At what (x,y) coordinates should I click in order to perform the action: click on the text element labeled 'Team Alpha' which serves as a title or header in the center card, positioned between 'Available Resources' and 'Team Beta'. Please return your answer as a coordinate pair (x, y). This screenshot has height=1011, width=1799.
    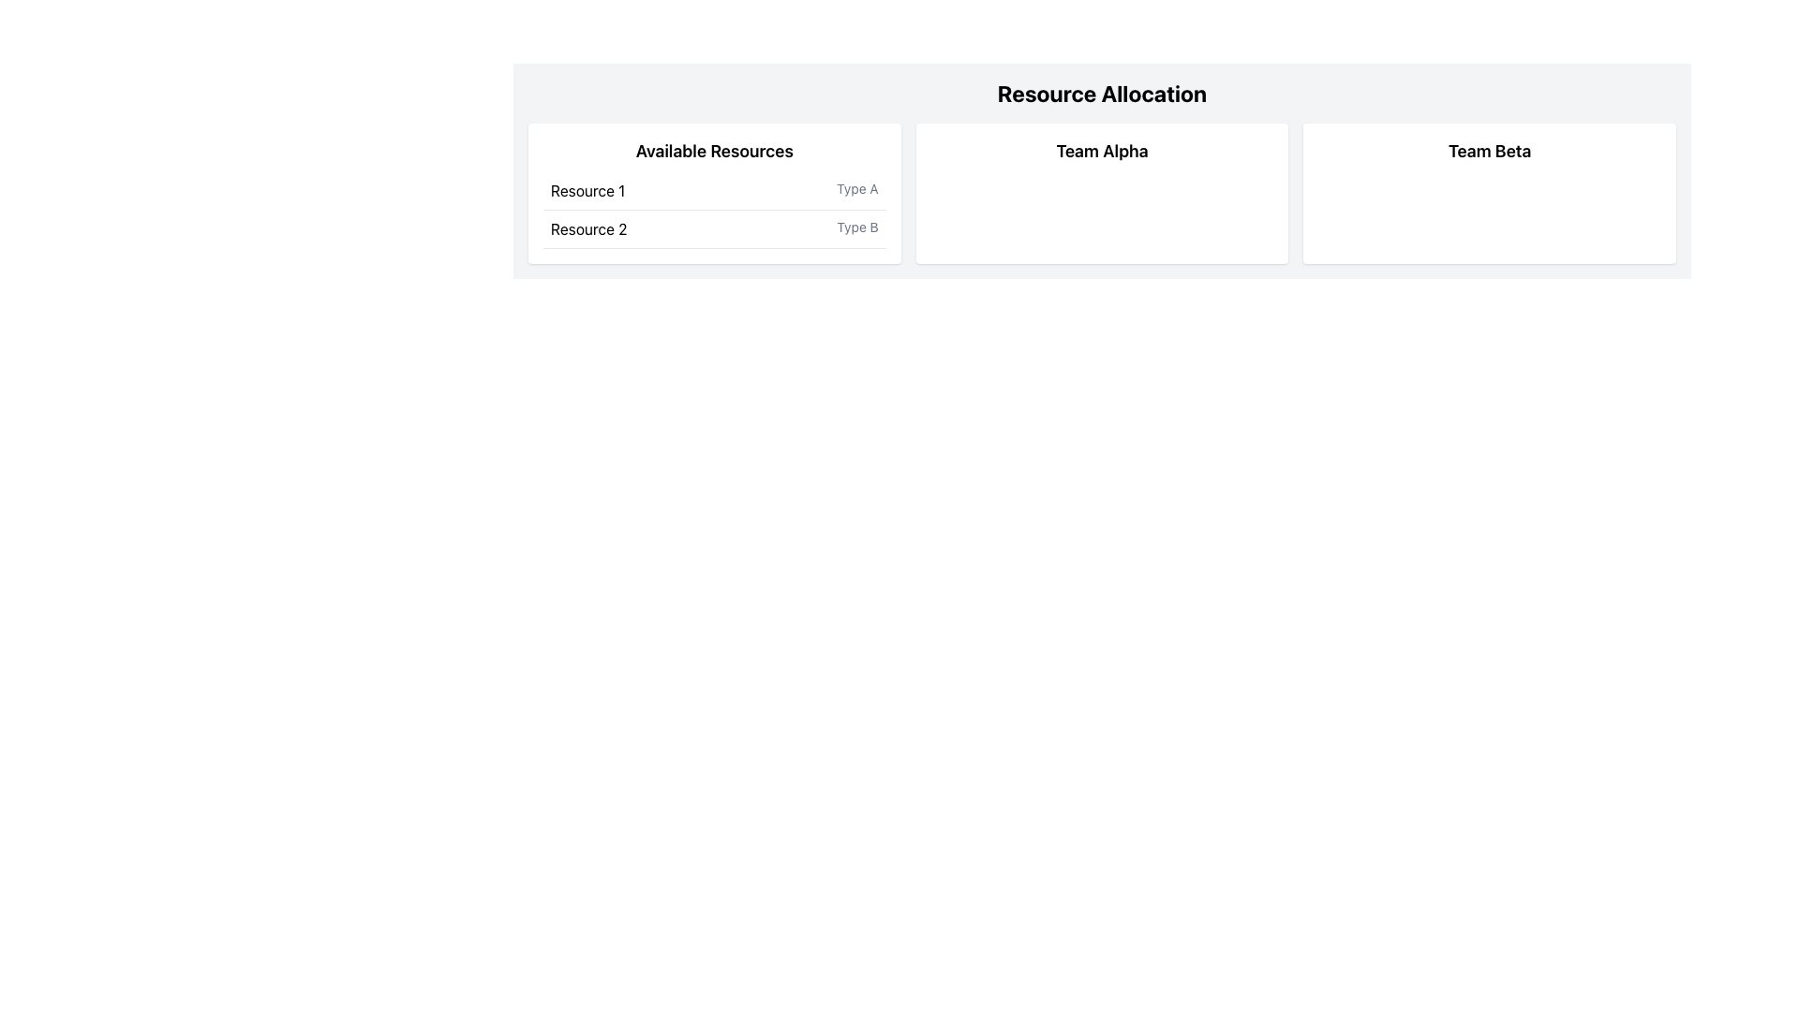
    Looking at the image, I should click on (1102, 151).